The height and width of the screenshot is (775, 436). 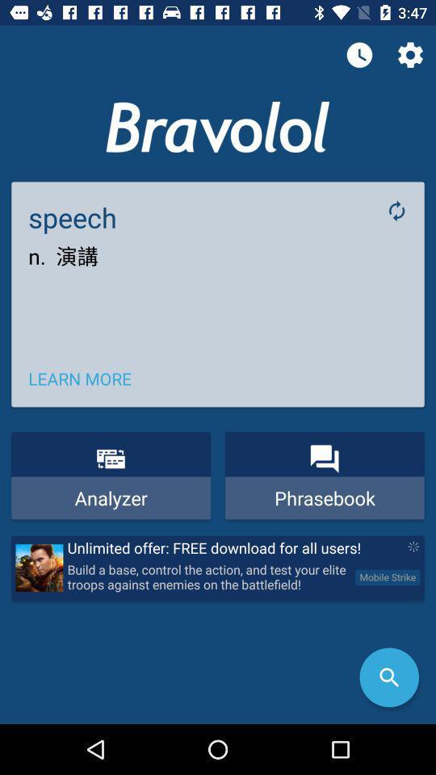 What do you see at coordinates (388, 677) in the screenshot?
I see `the search icon` at bounding box center [388, 677].